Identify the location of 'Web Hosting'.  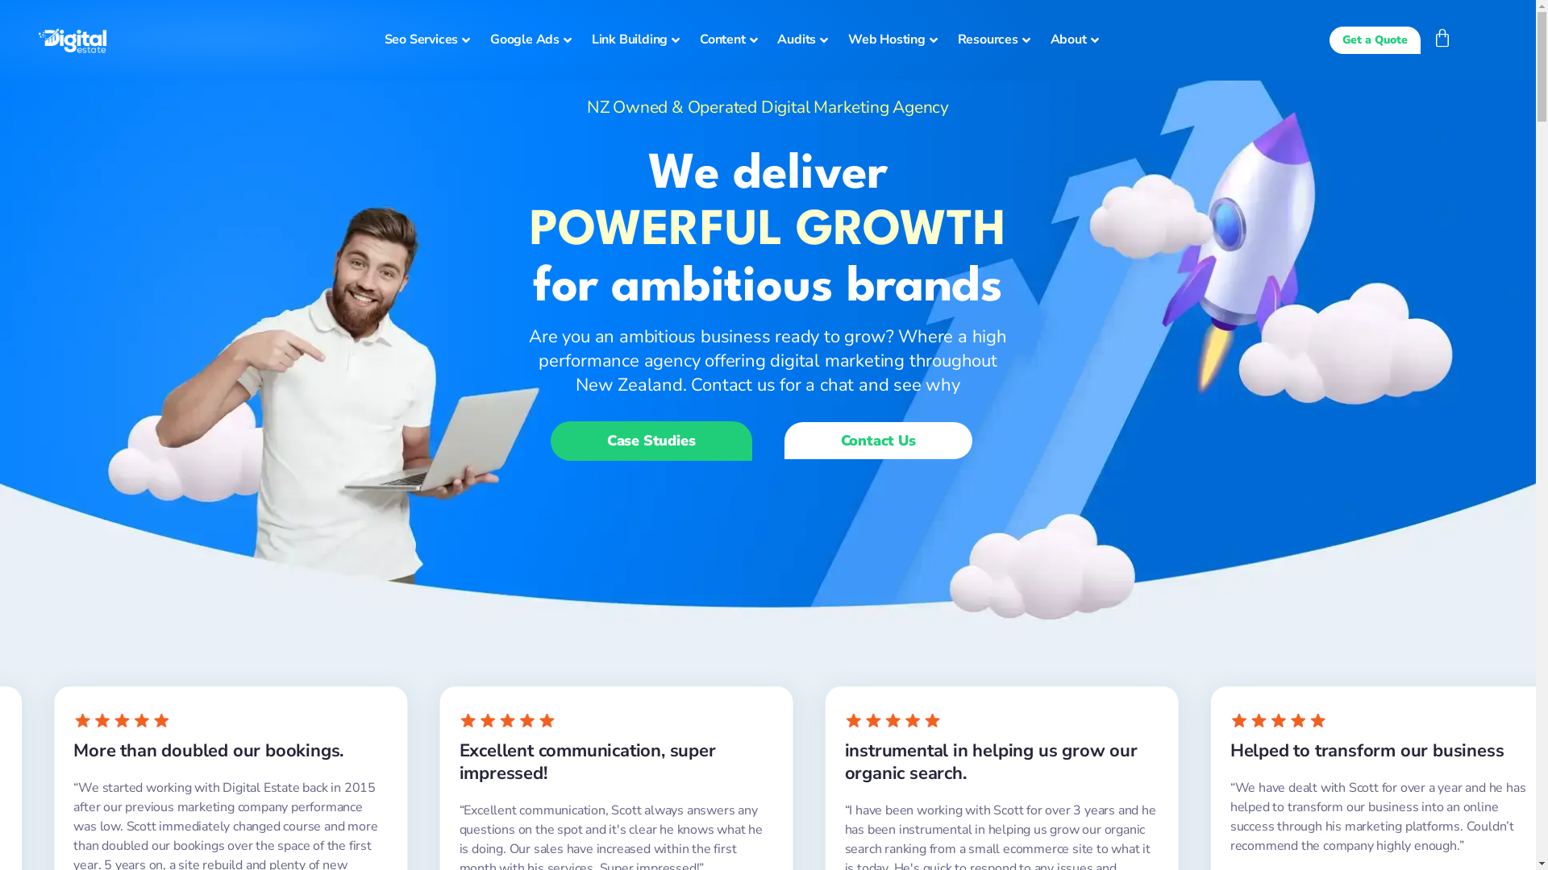
(893, 39).